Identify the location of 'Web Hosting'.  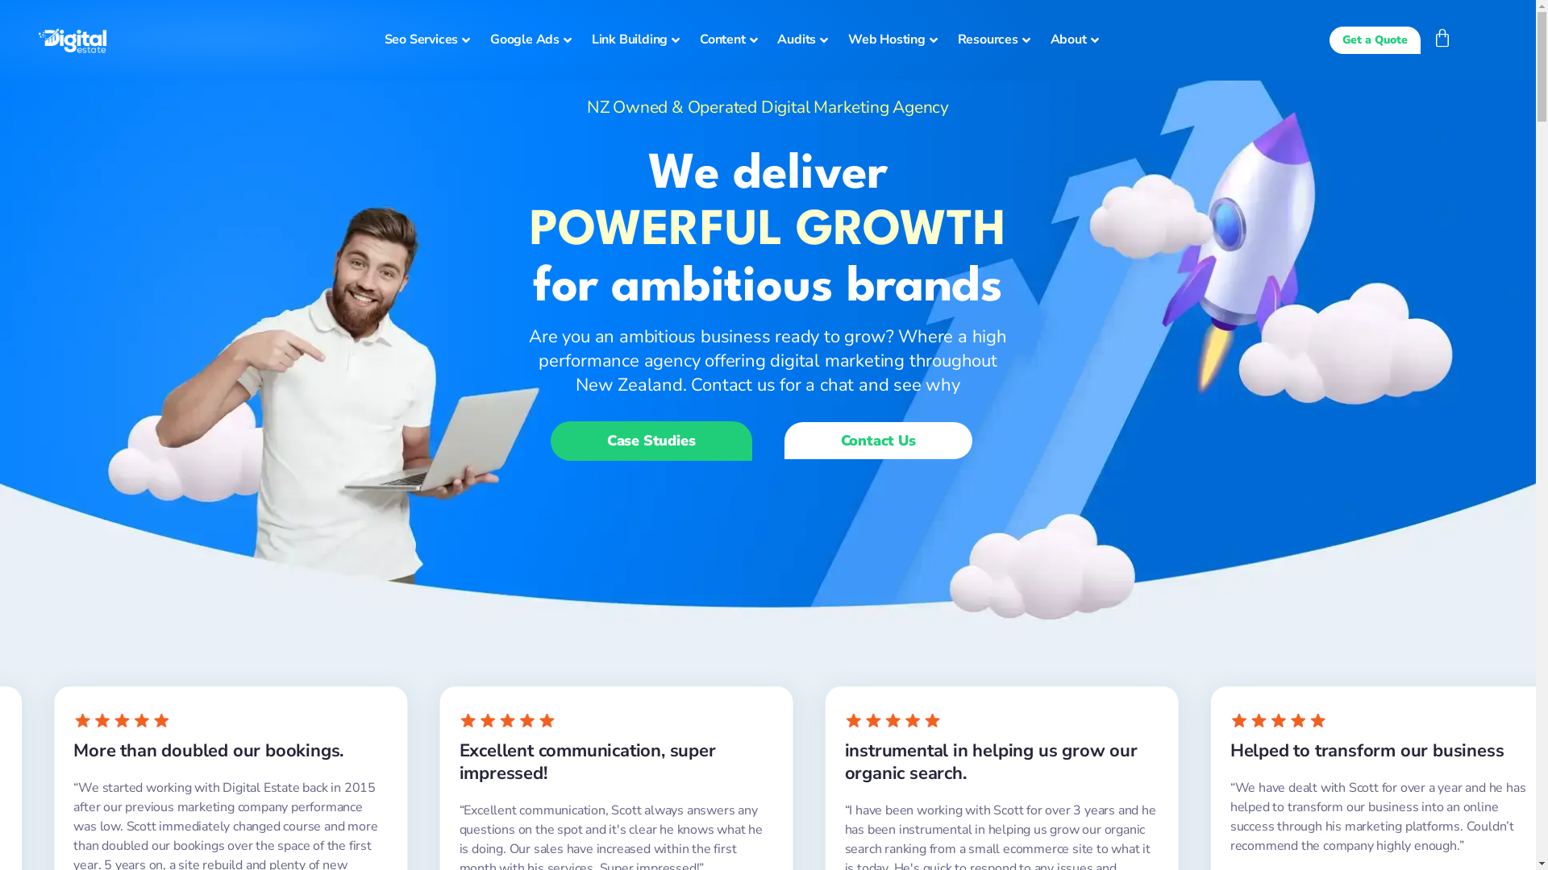
(893, 39).